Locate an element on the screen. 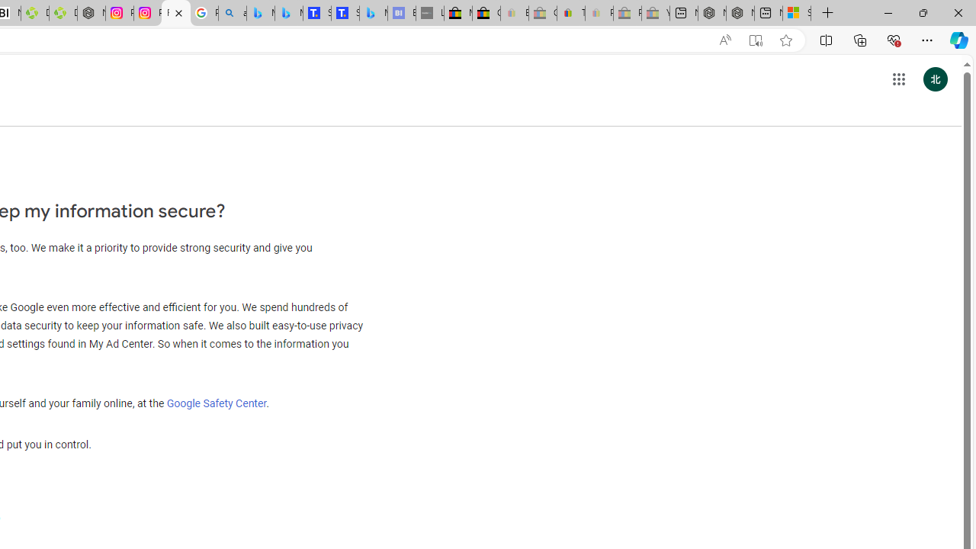 This screenshot has width=976, height=549. 'alabama high school quarterback dies - Search' is located at coordinates (231, 13).